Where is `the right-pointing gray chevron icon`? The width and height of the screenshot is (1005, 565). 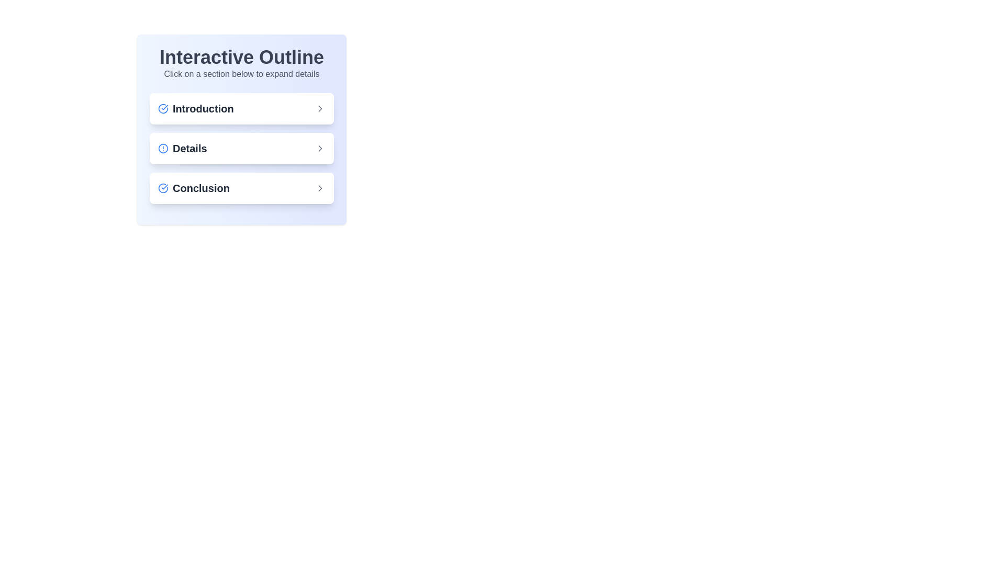
the right-pointing gray chevron icon is located at coordinates (319, 187).